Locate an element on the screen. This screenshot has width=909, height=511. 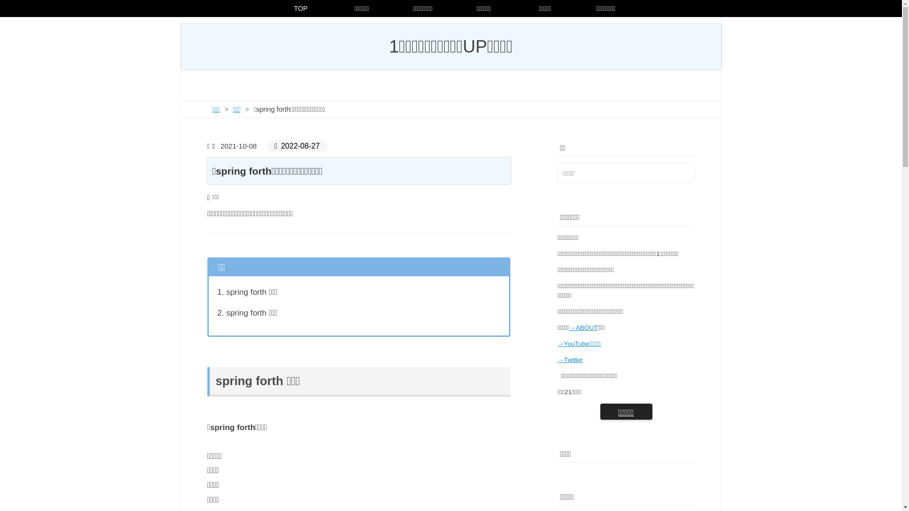
'2021-10-08' is located at coordinates (236, 146).